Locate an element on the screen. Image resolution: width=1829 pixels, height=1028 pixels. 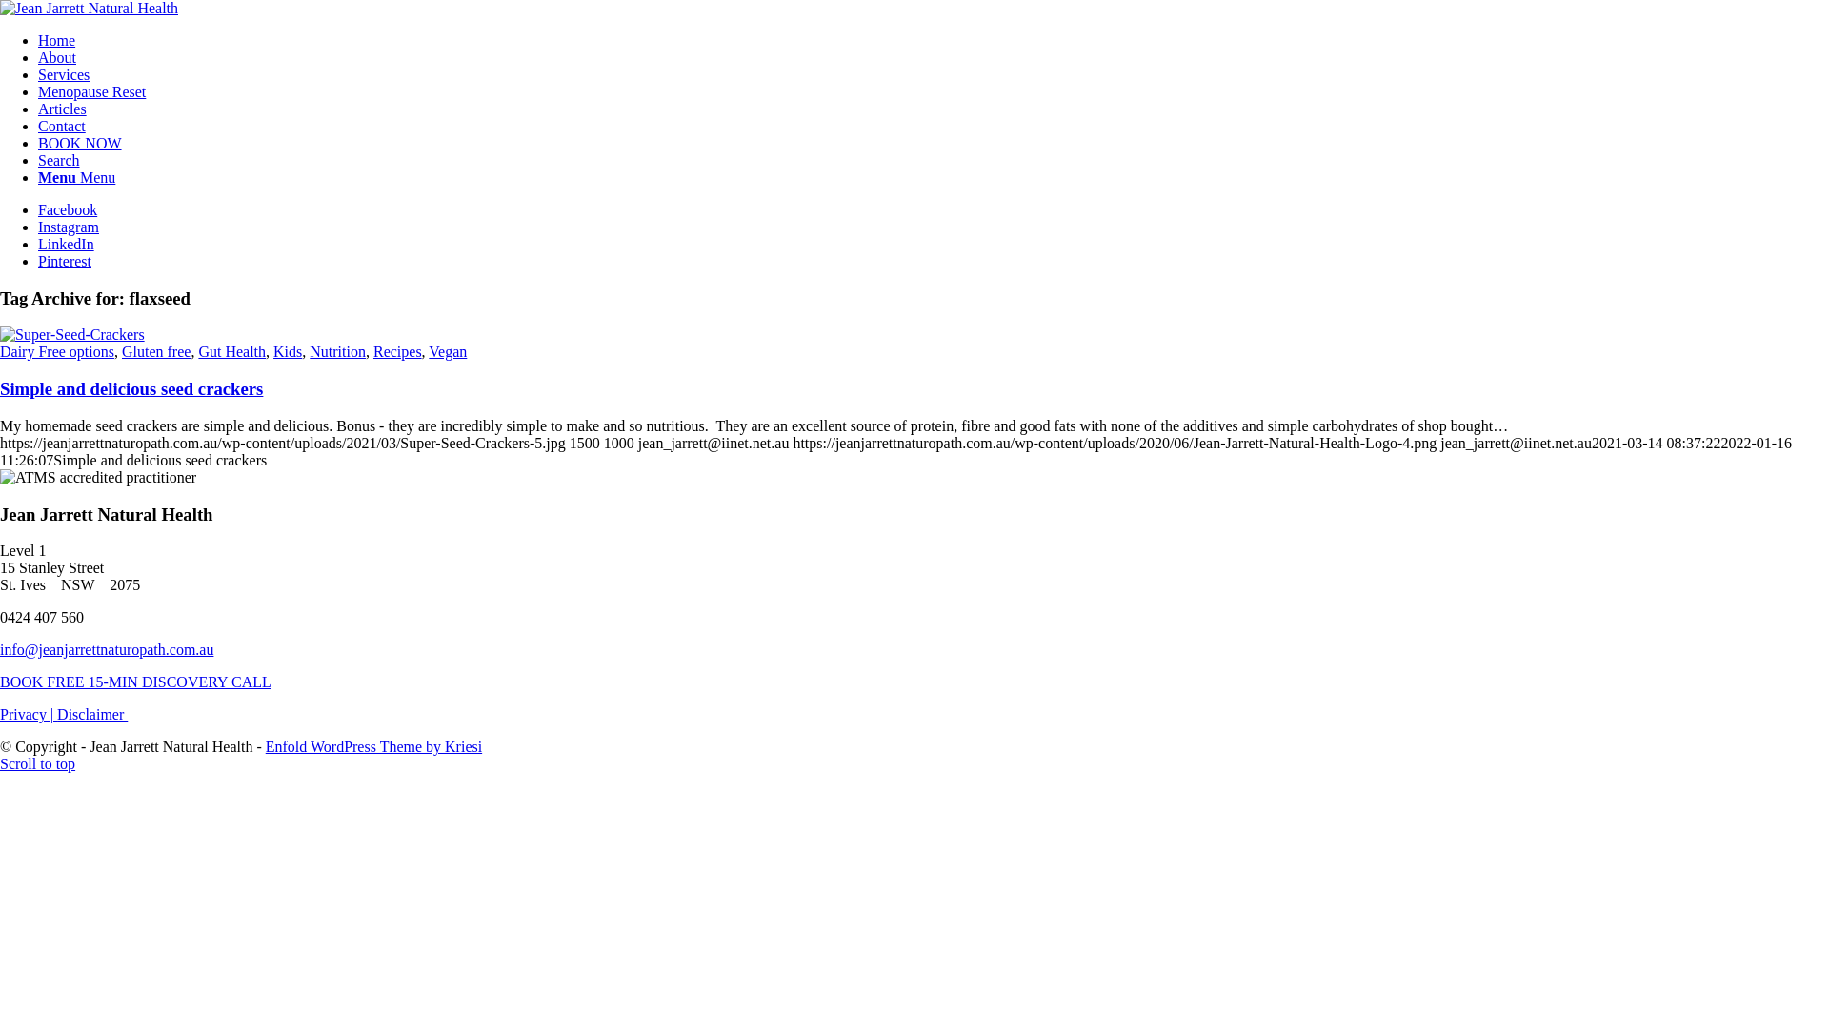
'Articles' is located at coordinates (37, 109).